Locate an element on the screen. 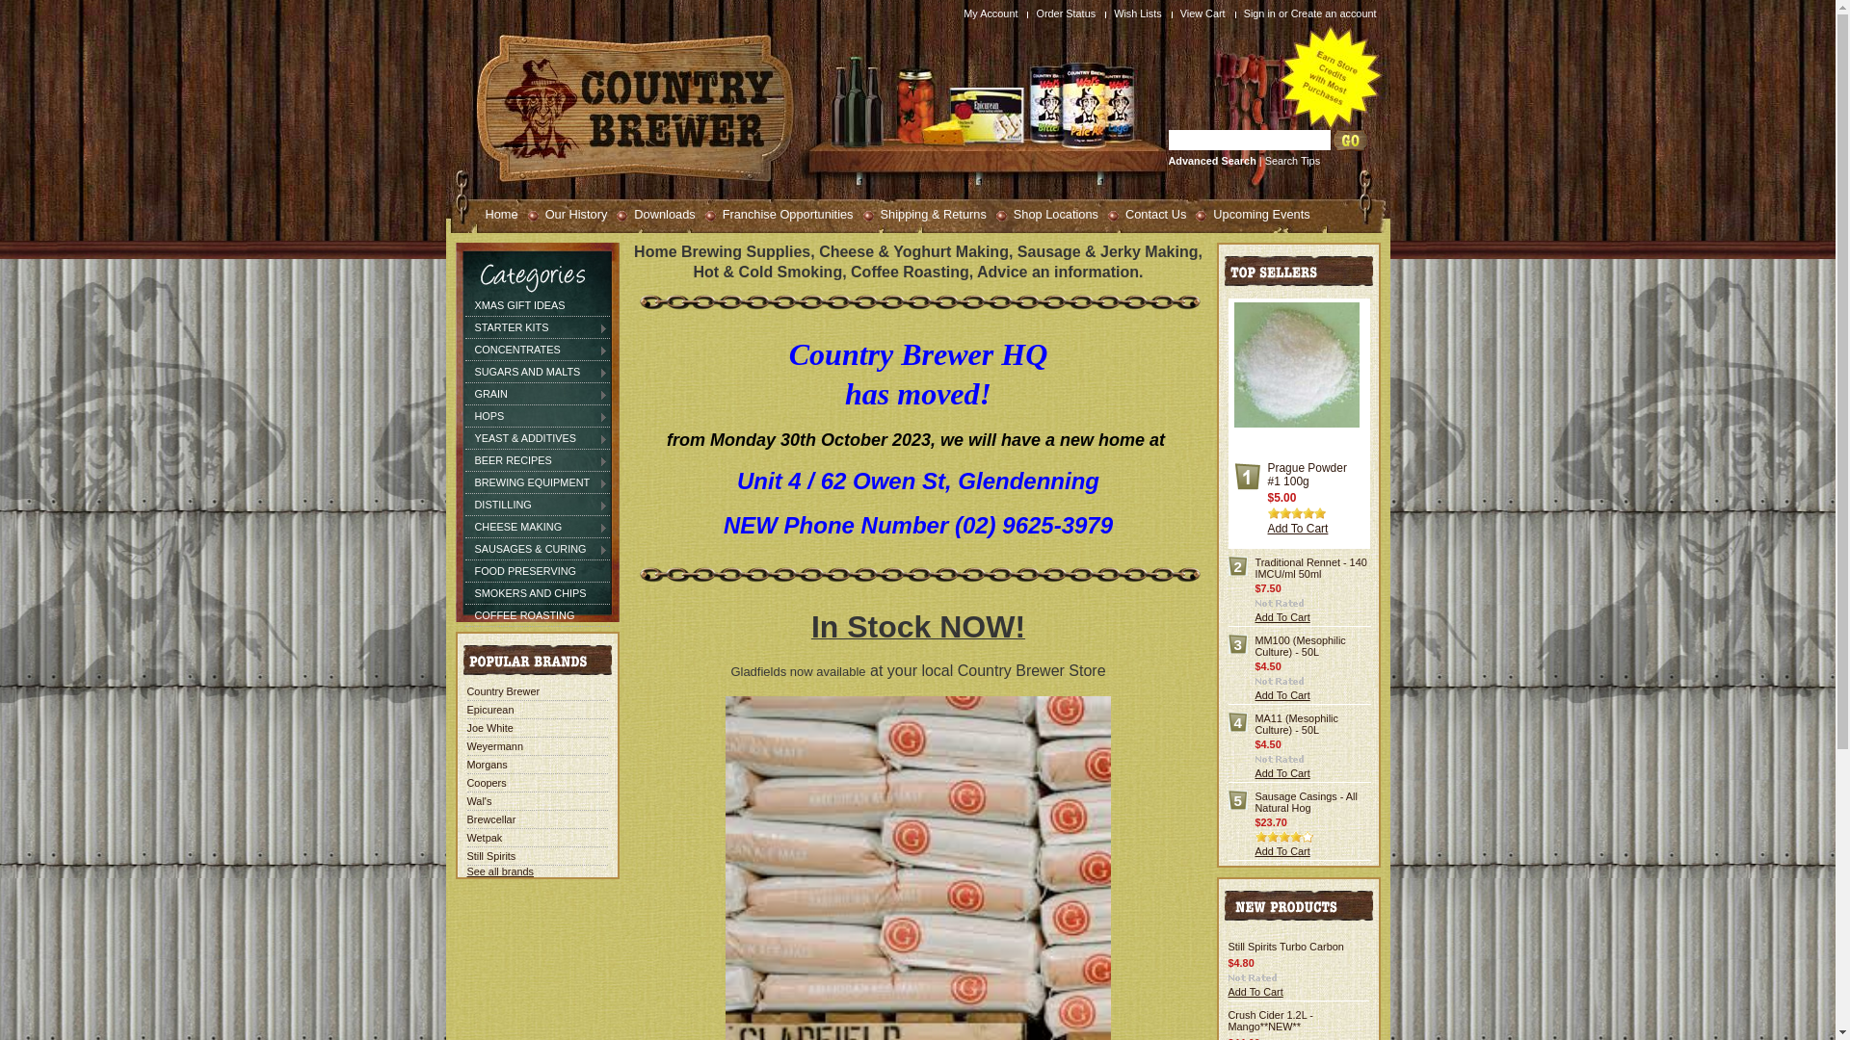  'Advanced Search' is located at coordinates (1210, 159).